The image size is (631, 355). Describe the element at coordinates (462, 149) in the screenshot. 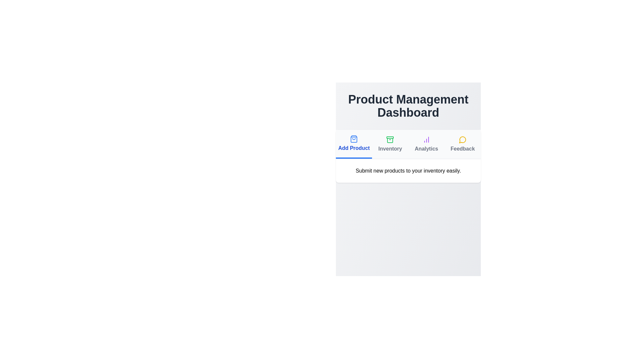

I see `the 'Feedback' text label, which is styled in a standard sans-serif font and positioned under a yellow circular icon resembling a comment or speech bubble` at that location.